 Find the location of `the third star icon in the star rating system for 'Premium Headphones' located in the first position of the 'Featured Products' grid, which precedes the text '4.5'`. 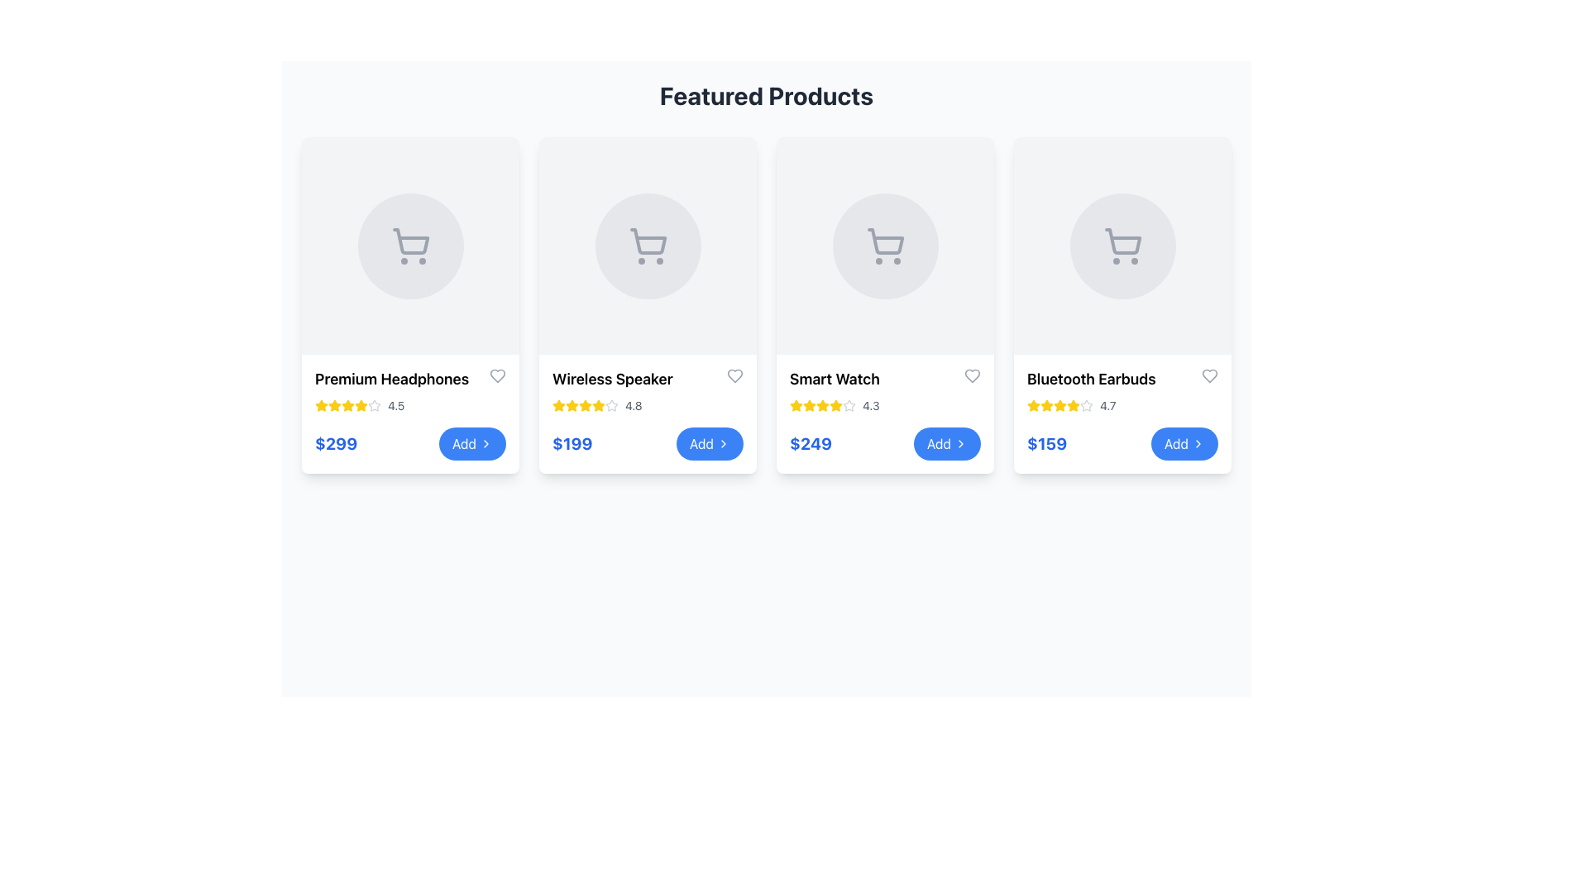

the third star icon in the star rating system for 'Premium Headphones' located in the first position of the 'Featured Products' grid, which precedes the text '4.5' is located at coordinates (333, 405).